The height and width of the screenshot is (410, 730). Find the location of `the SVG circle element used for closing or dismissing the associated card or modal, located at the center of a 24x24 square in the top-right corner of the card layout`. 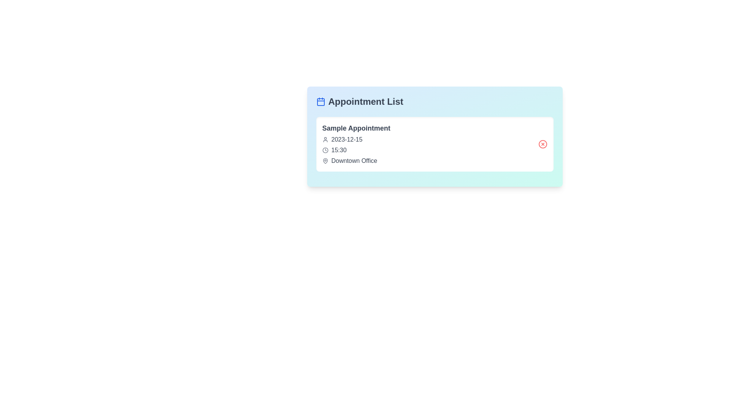

the SVG circle element used for closing or dismissing the associated card or modal, located at the center of a 24x24 square in the top-right corner of the card layout is located at coordinates (542, 144).